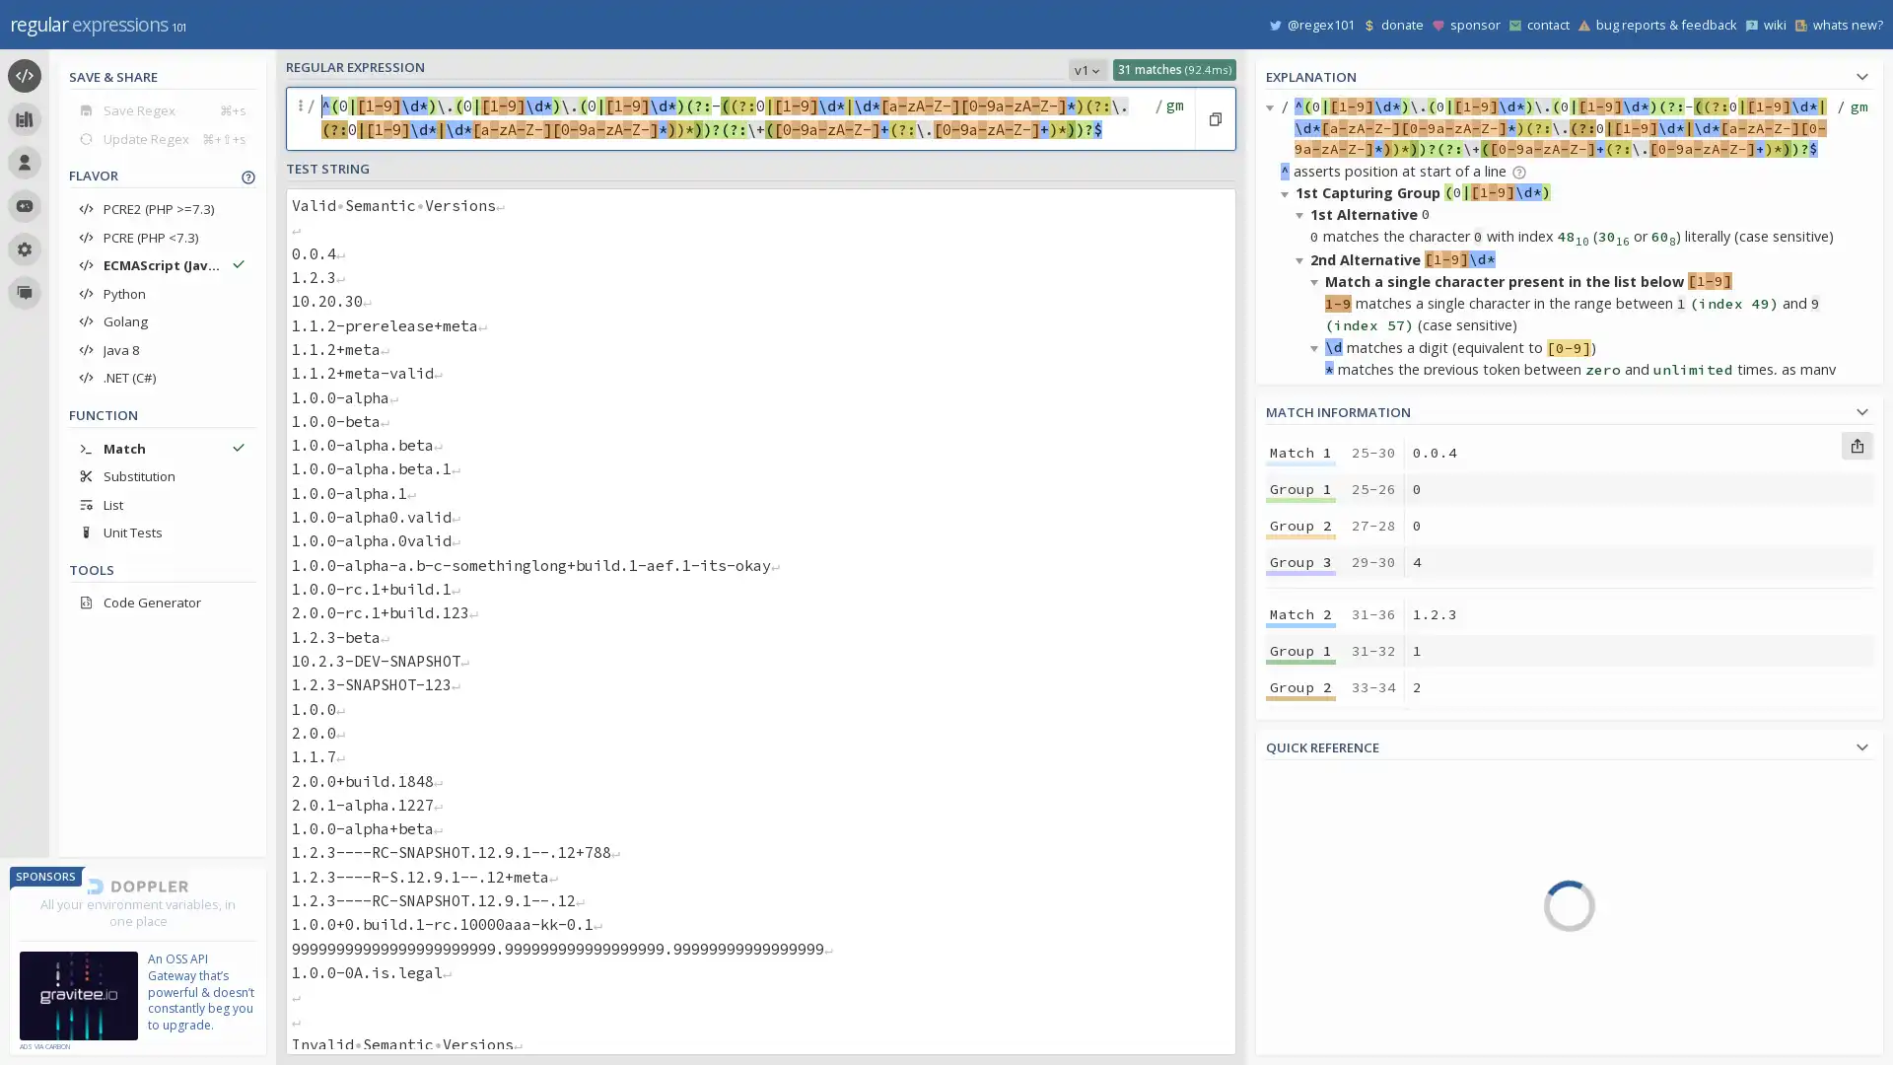 The image size is (1893, 1065). What do you see at coordinates (1288, 904) in the screenshot?
I see `Collapse Subtree` at bounding box center [1288, 904].